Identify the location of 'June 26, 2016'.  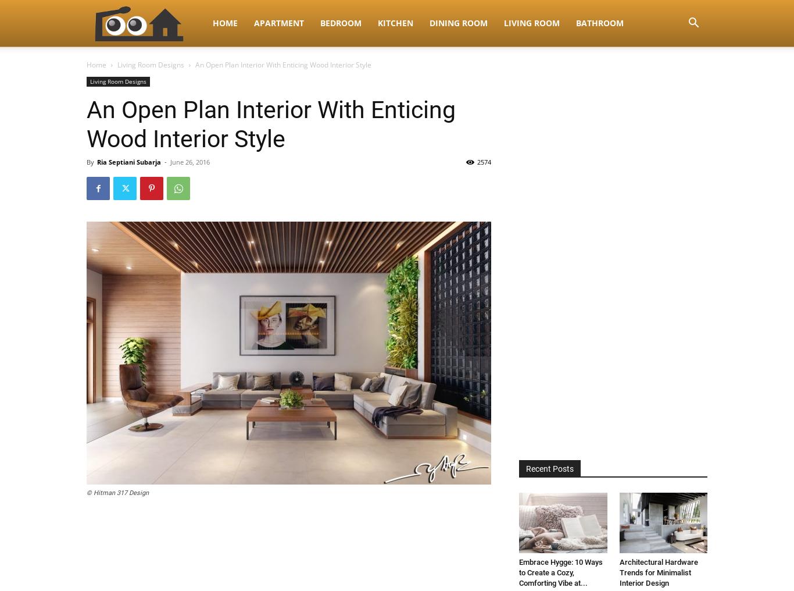
(190, 161).